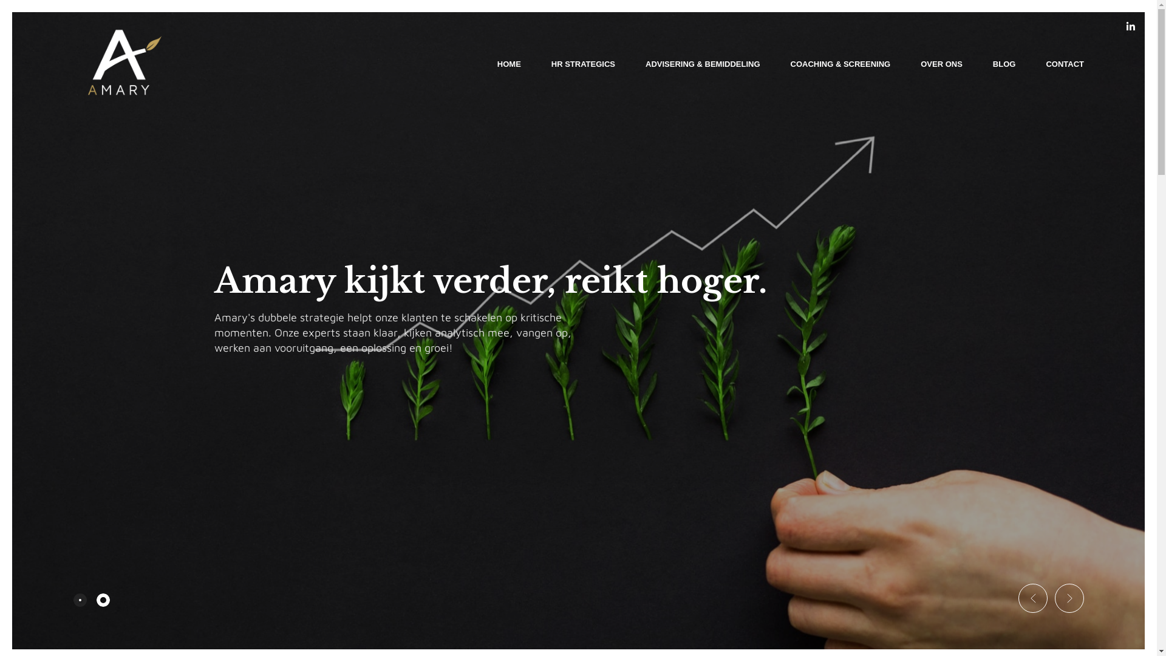 Image resolution: width=1166 pixels, height=656 pixels. What do you see at coordinates (703, 64) in the screenshot?
I see `'ADVISERING & BEMIDDELING'` at bounding box center [703, 64].